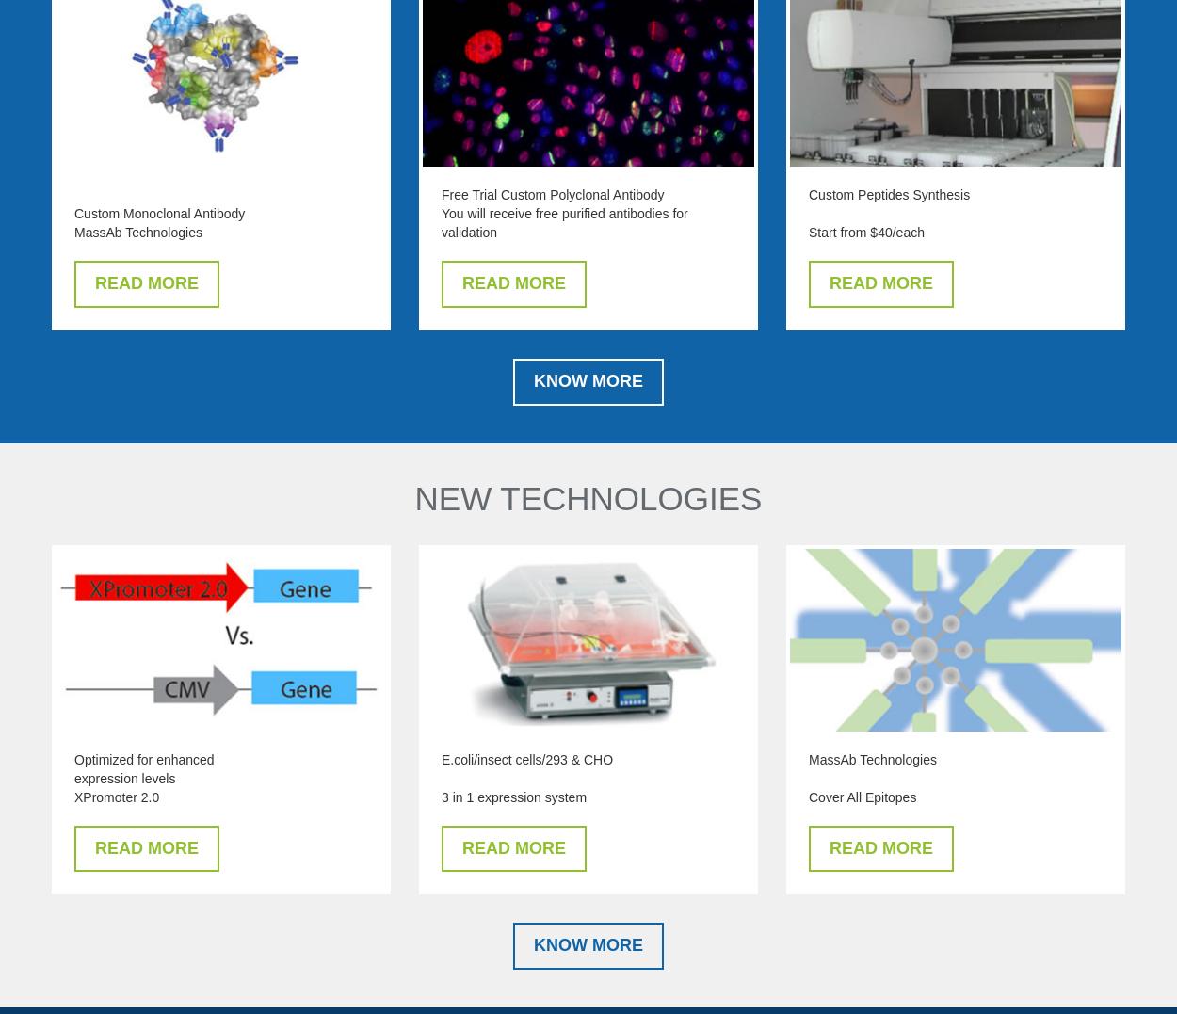 The width and height of the screenshot is (1177, 1014). What do you see at coordinates (527, 759) in the screenshot?
I see `'E.coli/insect cells/293 & CHO'` at bounding box center [527, 759].